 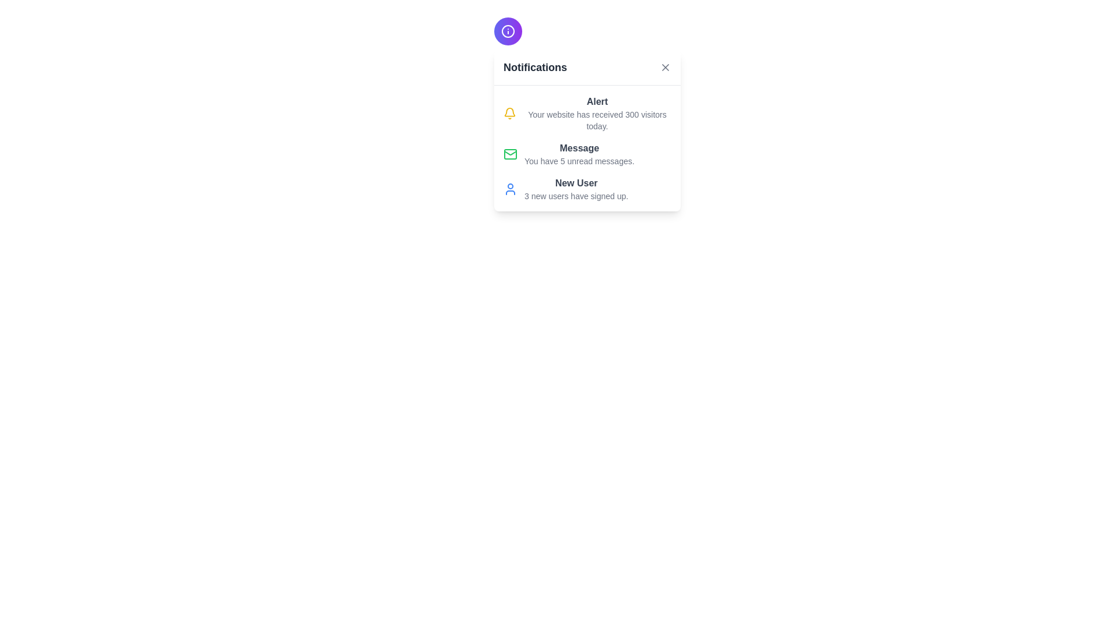 I want to click on the circular icon with a gradient background transitioning from purple to blue, which has a white outline and a smaller white dot in its center, located above the notifications panel, so click(x=508, y=31).